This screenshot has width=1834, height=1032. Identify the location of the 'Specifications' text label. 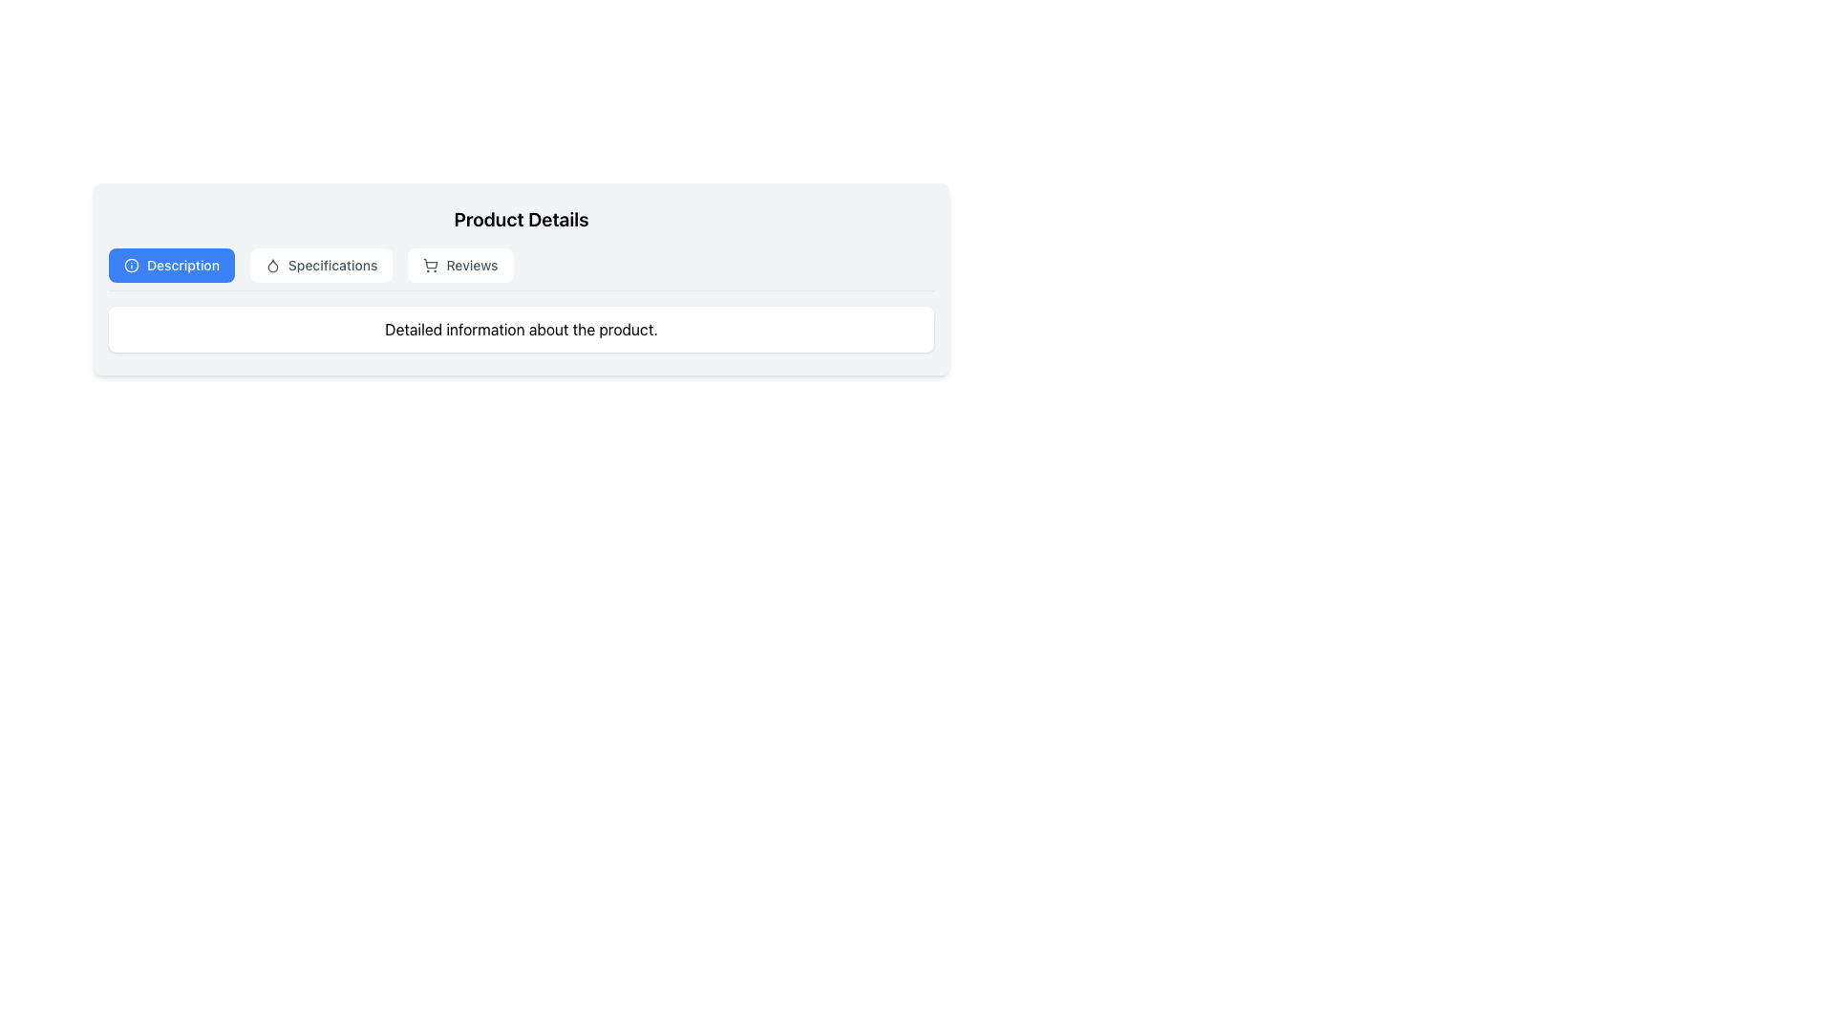
(332, 265).